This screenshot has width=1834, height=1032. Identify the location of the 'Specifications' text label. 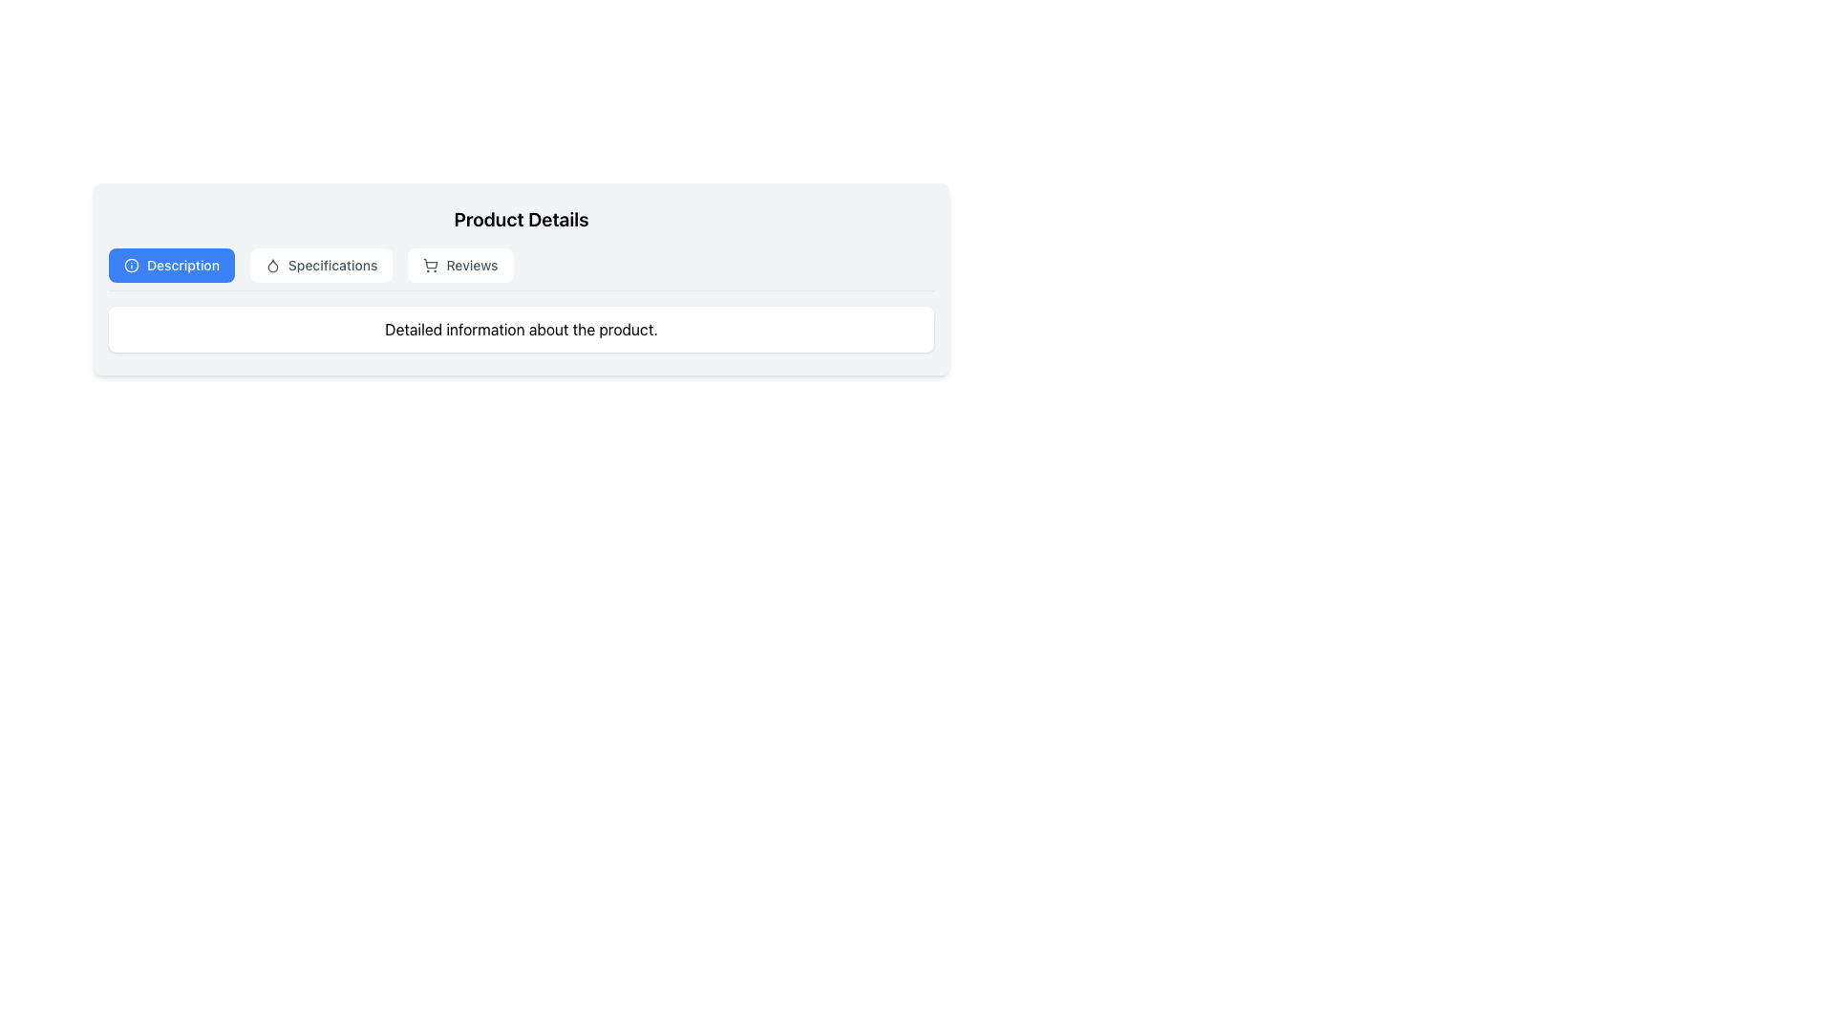
(332, 265).